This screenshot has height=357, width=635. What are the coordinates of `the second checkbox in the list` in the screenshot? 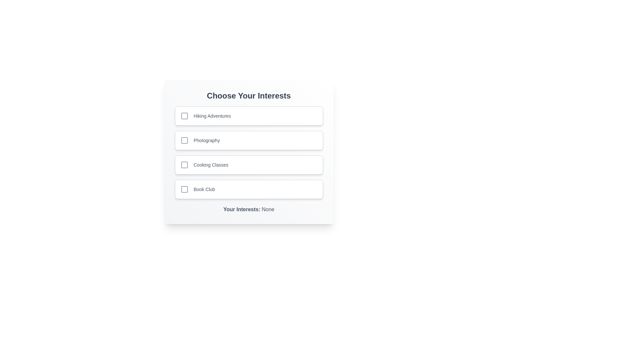 It's located at (184, 140).